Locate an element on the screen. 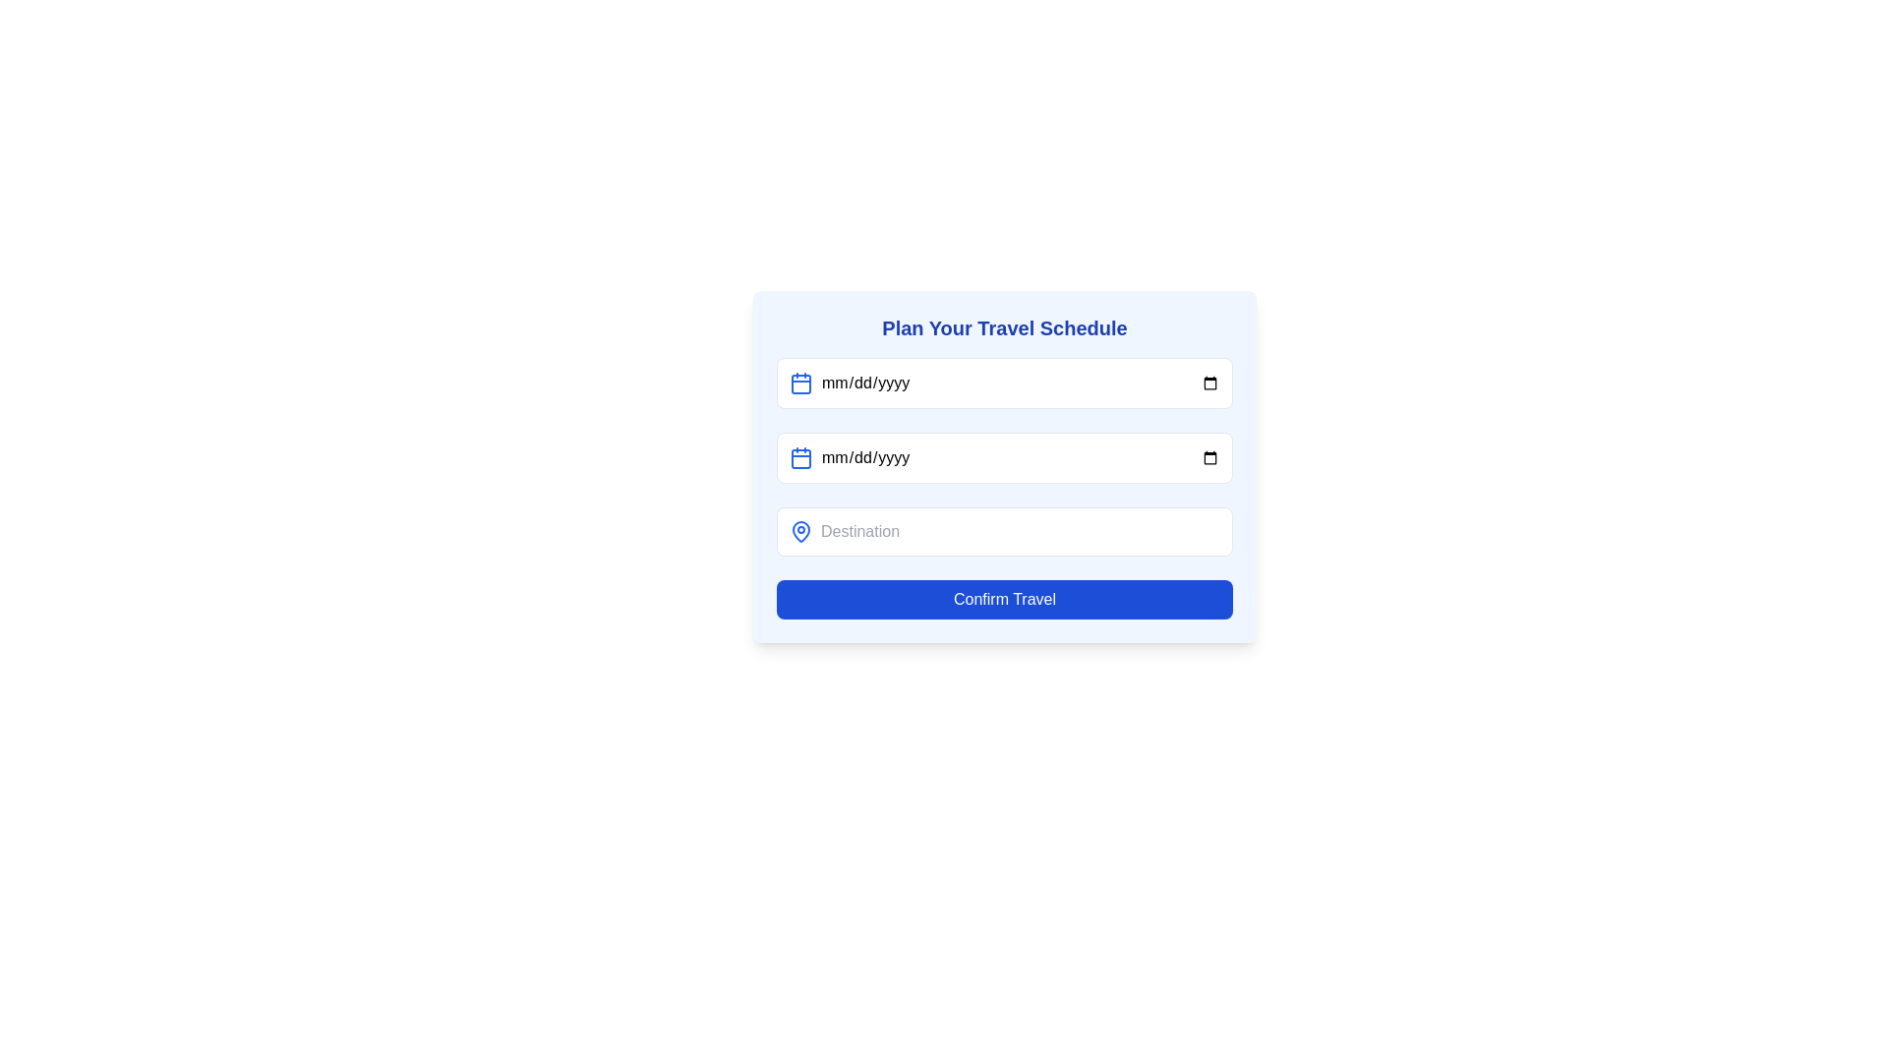  the 'Confirm Travel' button with a blue background and white text to observe the hover effect is located at coordinates (1005, 598).